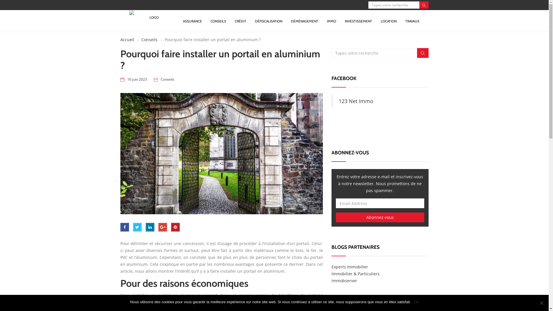  What do you see at coordinates (167, 79) in the screenshot?
I see `'Conseils'` at bounding box center [167, 79].